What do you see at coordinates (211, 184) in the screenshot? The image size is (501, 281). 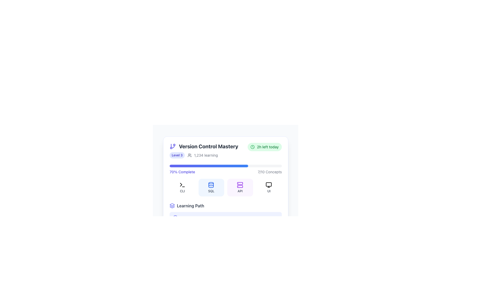 I see `the stylized database icon located within the 'SQL' button of the 'Version Control Mastery' course section` at bounding box center [211, 184].